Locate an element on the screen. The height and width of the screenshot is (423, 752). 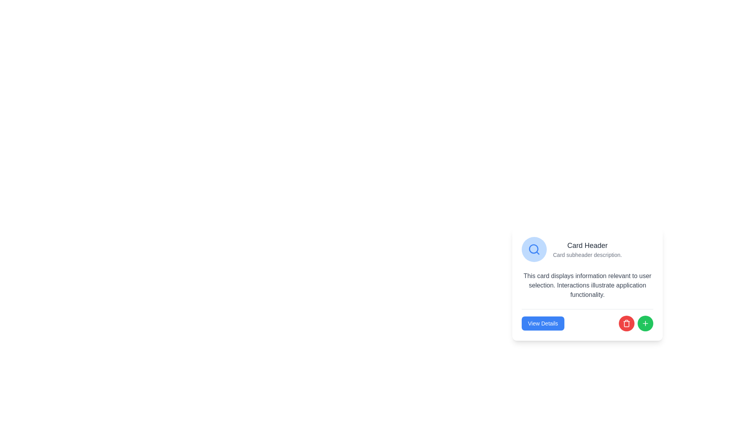
the trash can icon with a red circular background located inside the button at the bottom right corner of the 'Card Header' is located at coordinates (626, 323).